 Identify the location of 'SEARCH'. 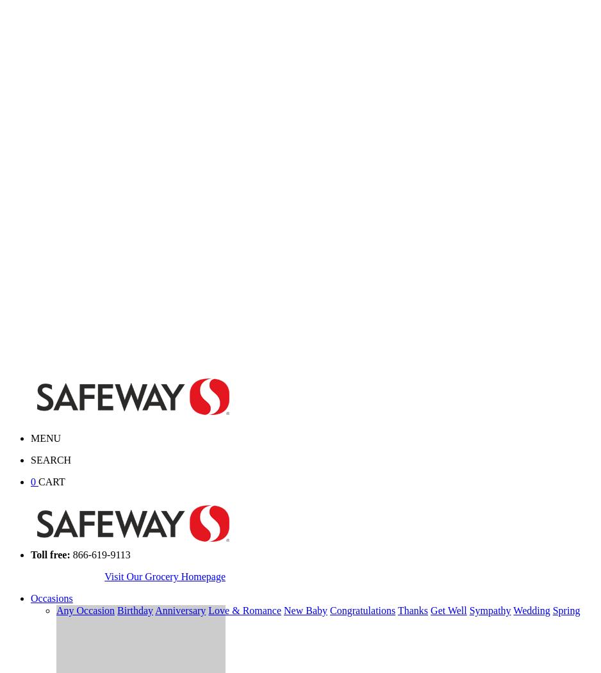
(51, 459).